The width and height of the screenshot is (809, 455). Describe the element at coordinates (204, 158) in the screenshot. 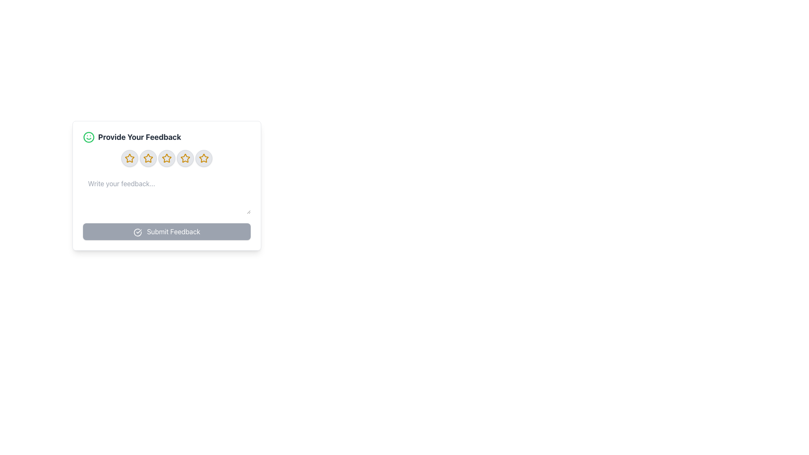

I see `the sixth star in the rating system` at that location.